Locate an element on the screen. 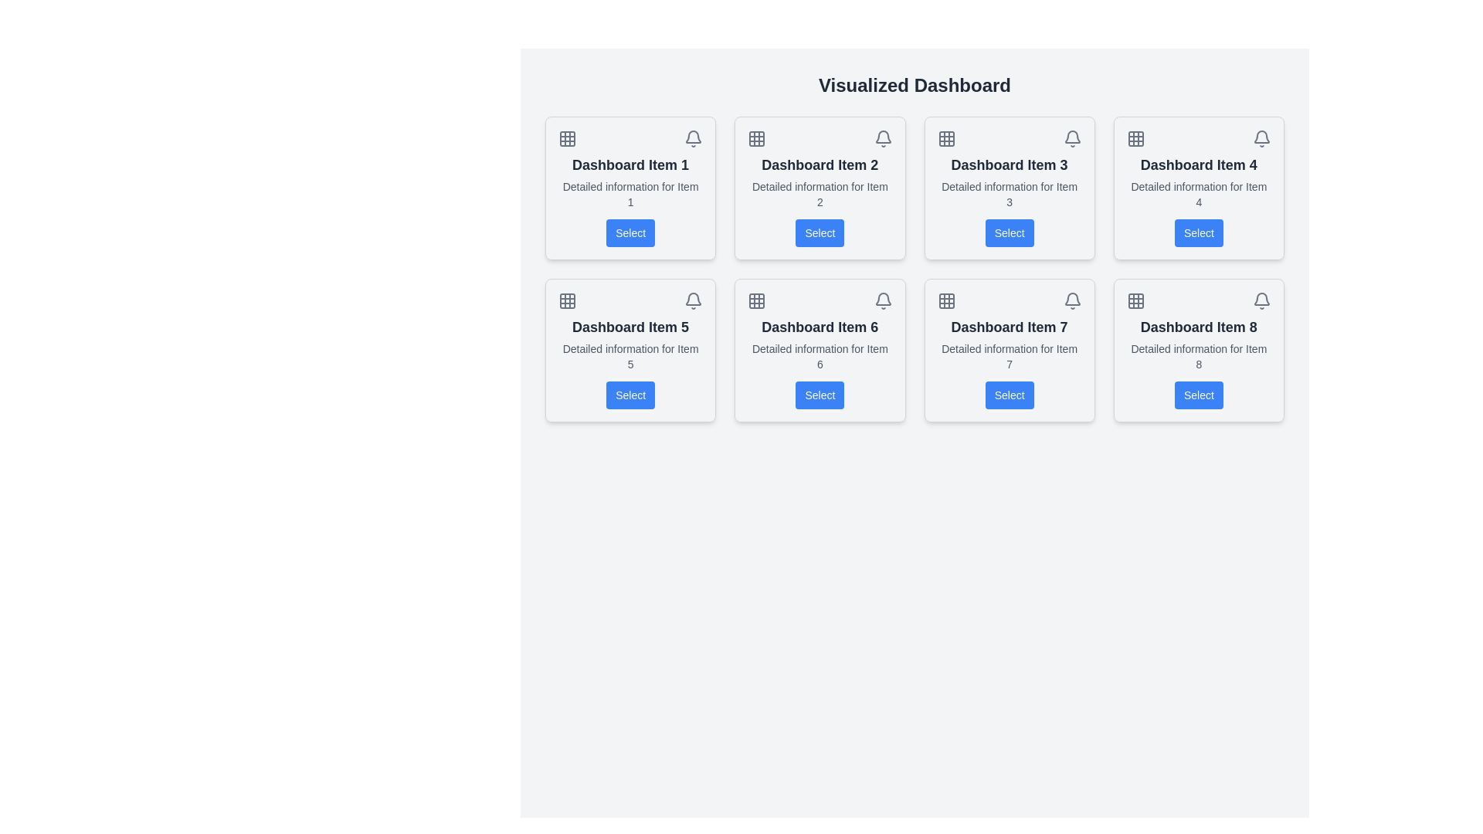 Image resolution: width=1483 pixels, height=834 pixels. title of the Text Label located on the first item in the second row of the dashboard card, positioned above the 'Select' button and below smaller icons is located at coordinates (630, 327).